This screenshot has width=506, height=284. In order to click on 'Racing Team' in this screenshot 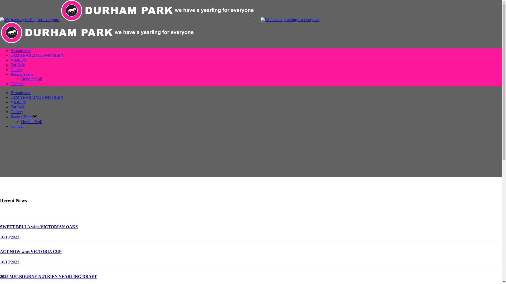, I will do `click(21, 116)`.